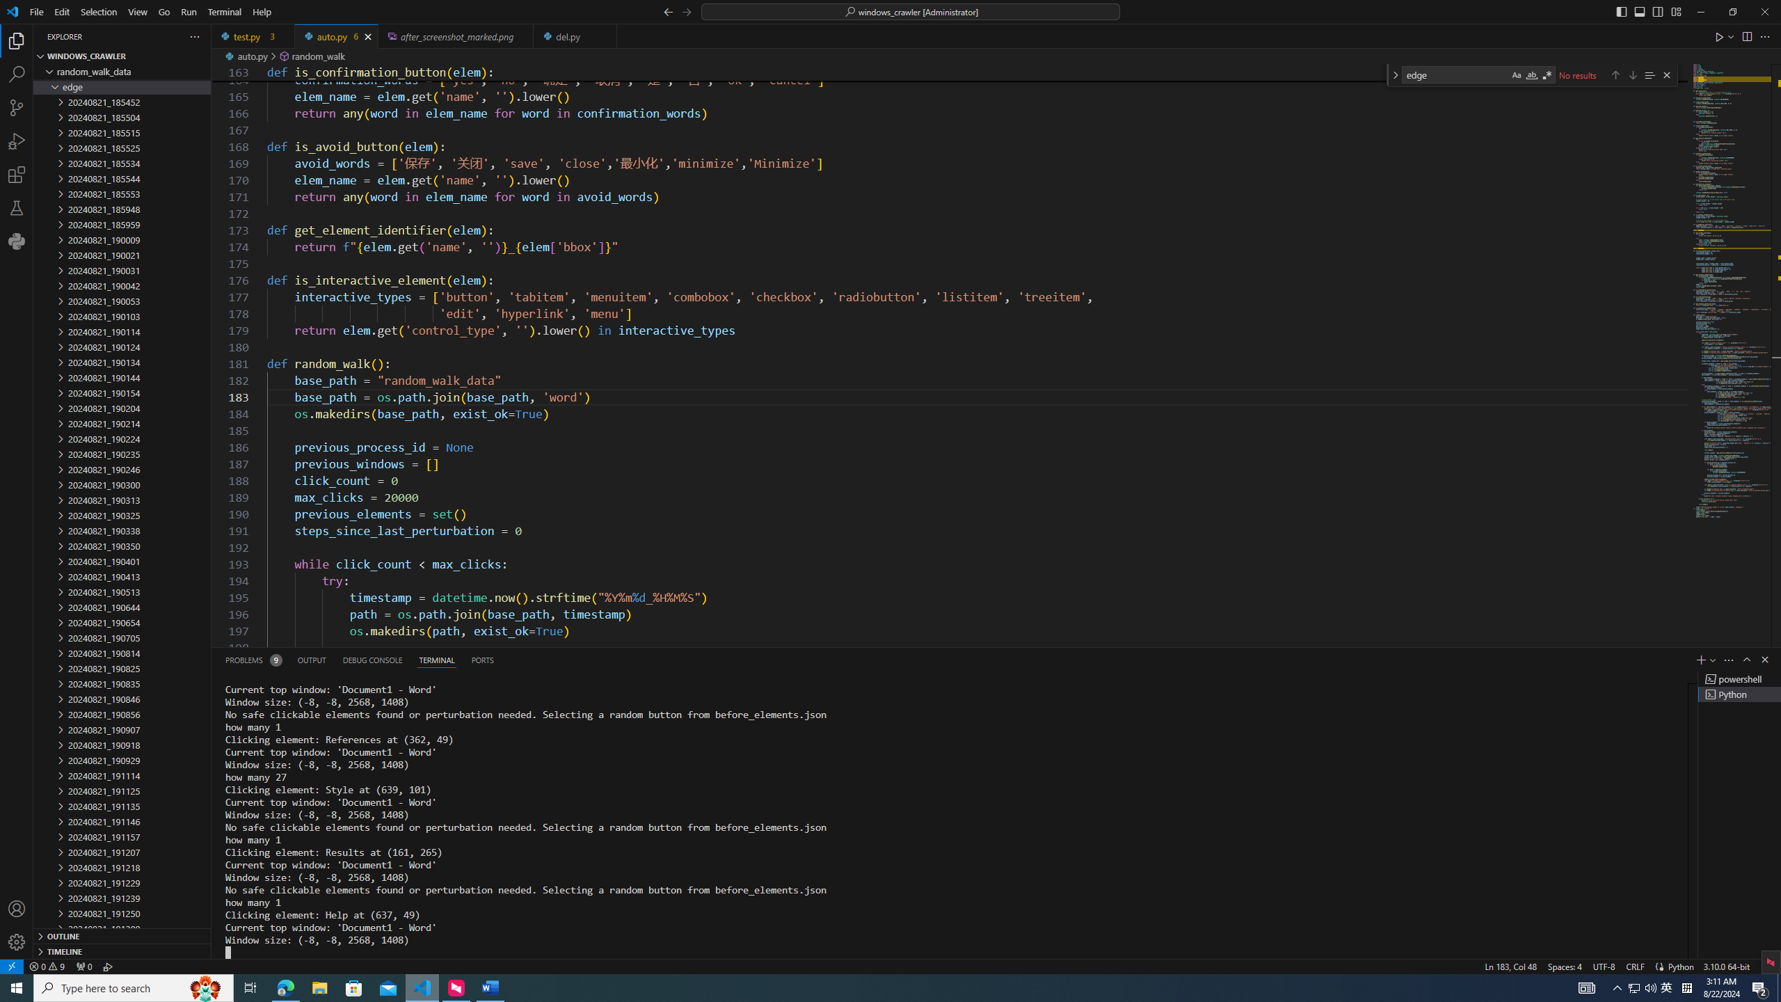  What do you see at coordinates (1743, 35) in the screenshot?
I see `'Editor actions'` at bounding box center [1743, 35].